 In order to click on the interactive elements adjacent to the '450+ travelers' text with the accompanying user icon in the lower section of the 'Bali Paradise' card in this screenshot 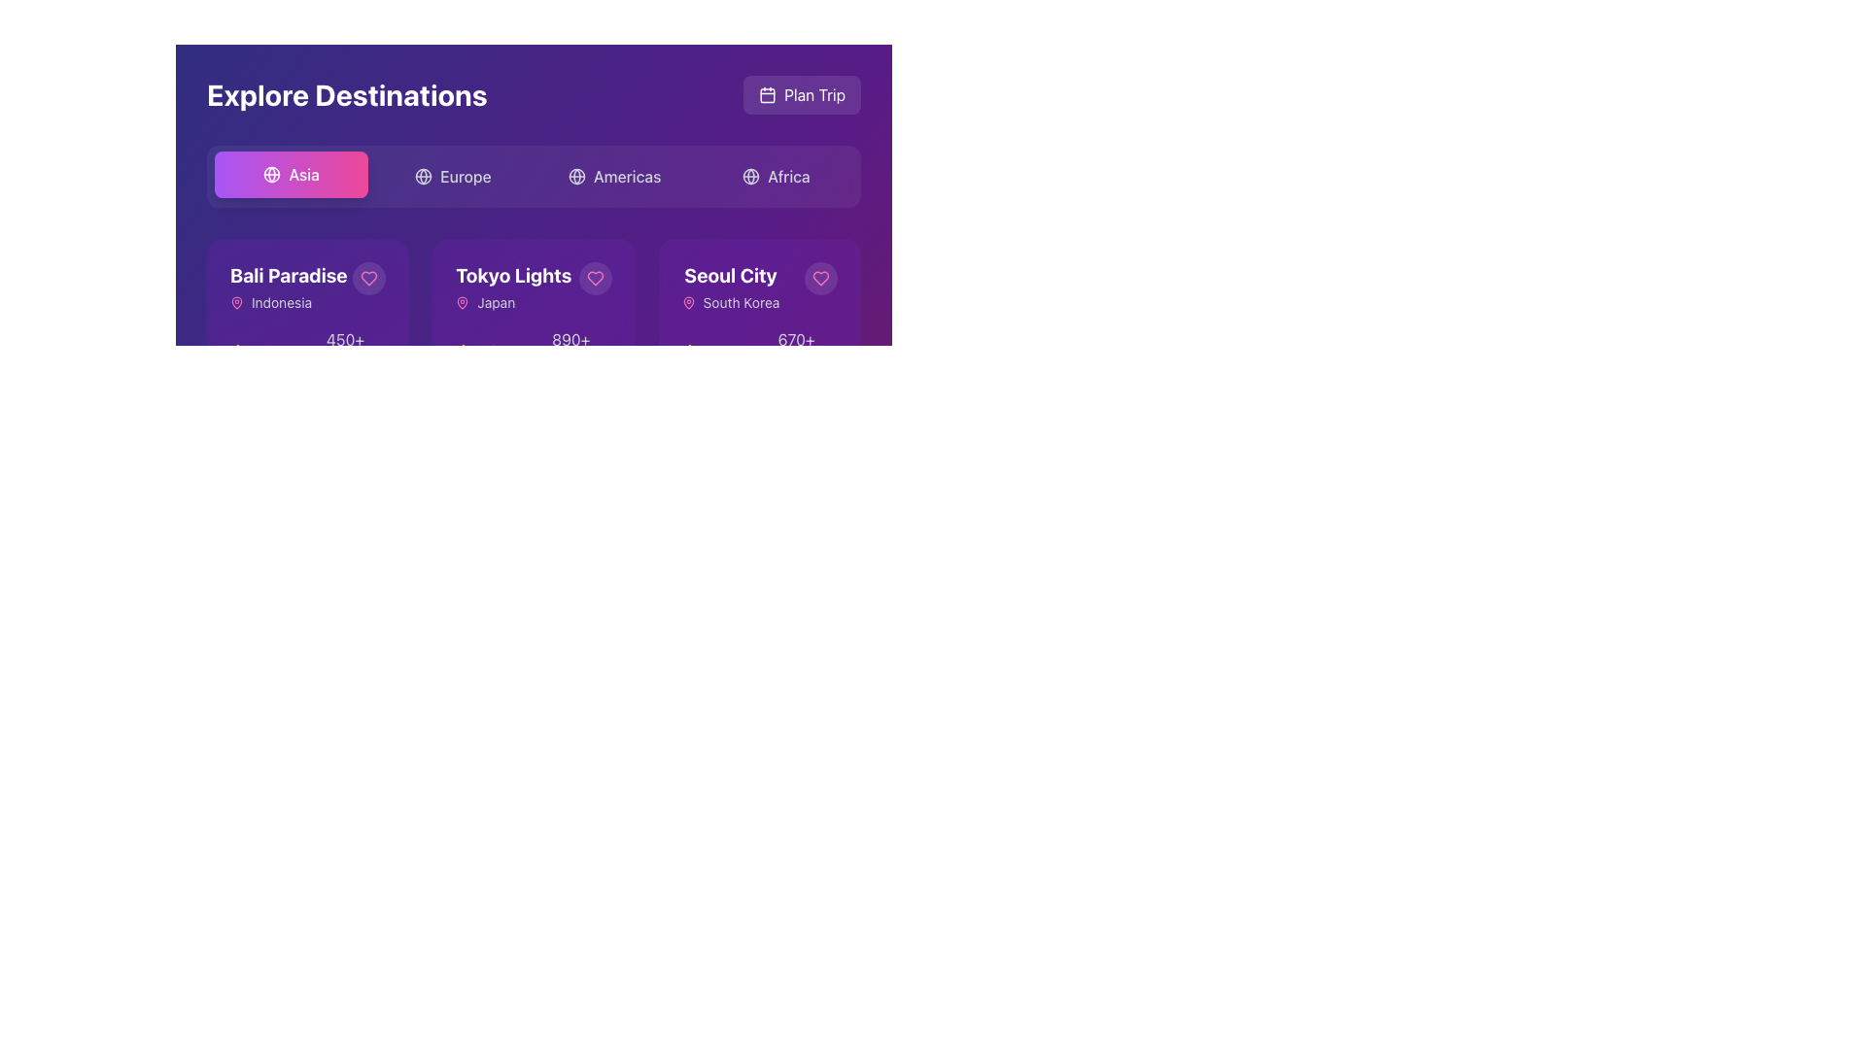, I will do `click(337, 352)`.